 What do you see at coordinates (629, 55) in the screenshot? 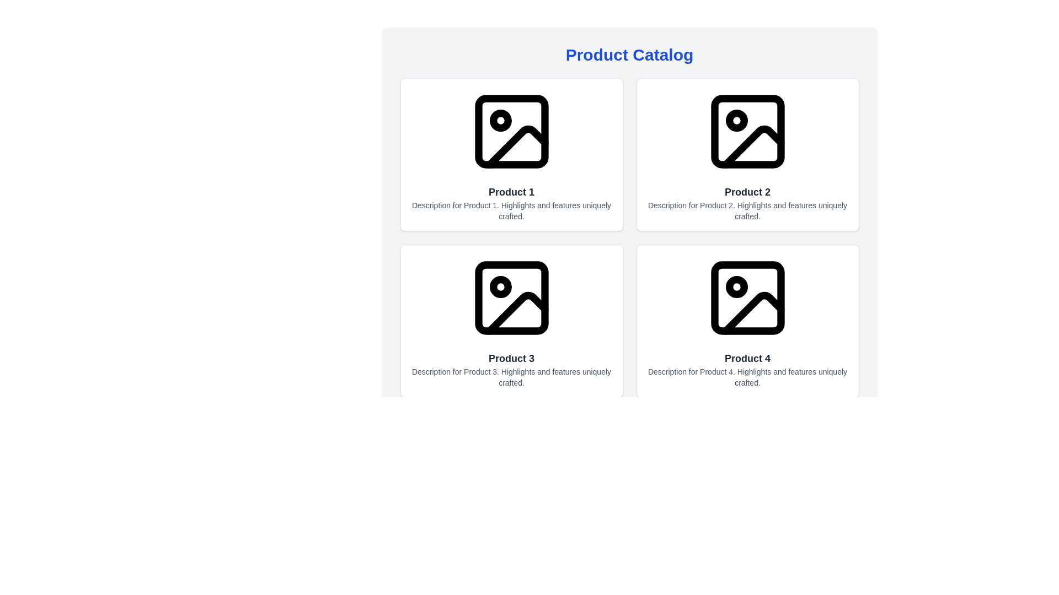
I see `the 'Product Catalog' header which is centrally aligned at the top of the content section` at bounding box center [629, 55].